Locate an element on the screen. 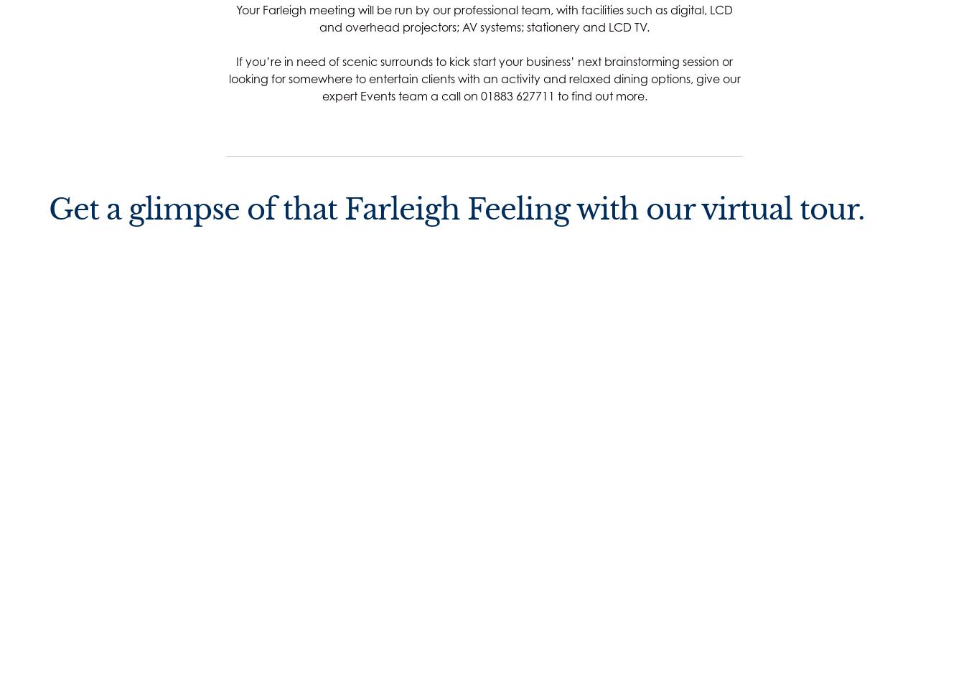 This screenshot has height=678, width=969. 'enquiries@farleighfox.co.uk' is located at coordinates (323, 611).